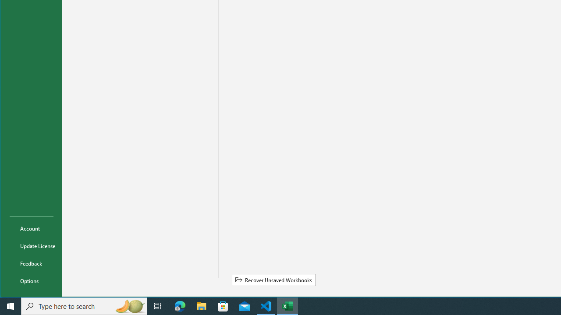 This screenshot has width=561, height=315. I want to click on 'Recover Unsaved Workbooks', so click(273, 280).